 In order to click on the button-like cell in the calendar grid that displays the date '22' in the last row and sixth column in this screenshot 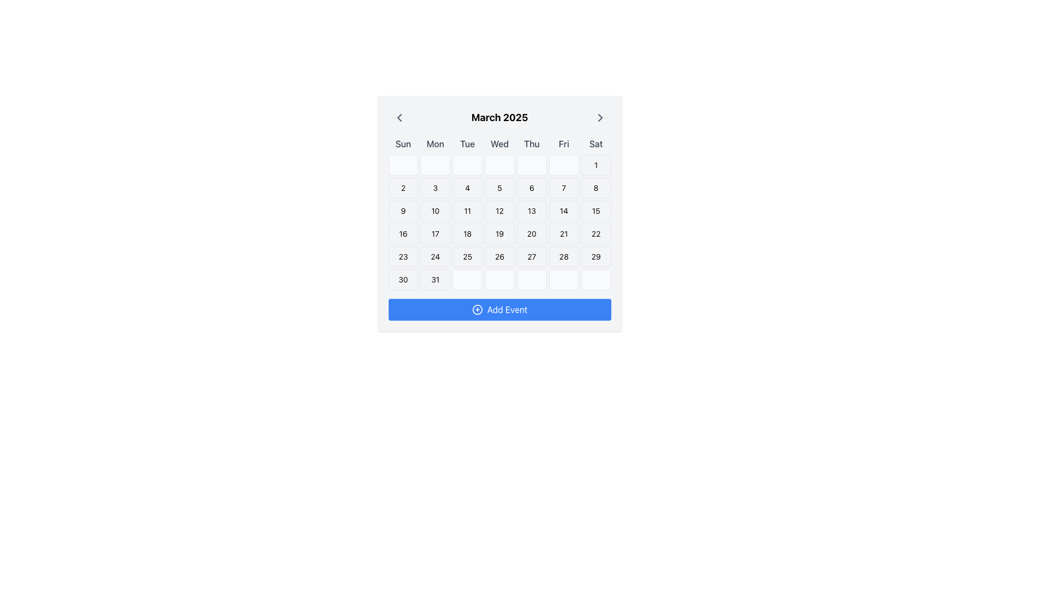, I will do `click(596, 233)`.